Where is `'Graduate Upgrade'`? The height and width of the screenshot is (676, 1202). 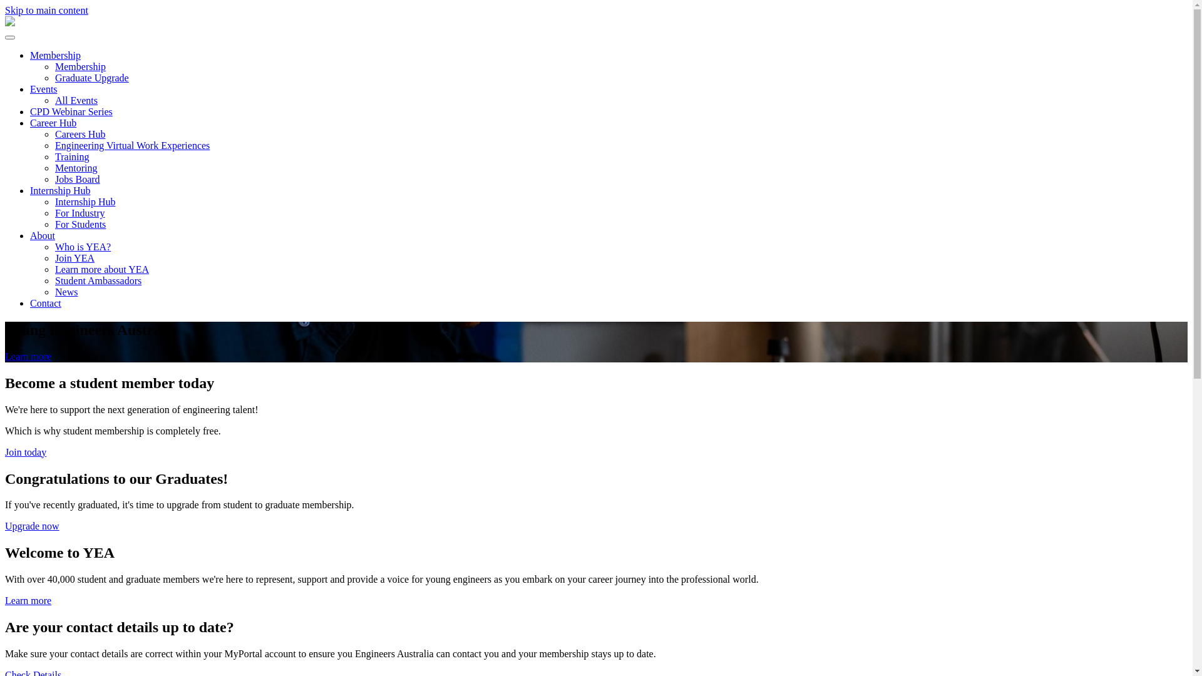 'Graduate Upgrade' is located at coordinates (91, 78).